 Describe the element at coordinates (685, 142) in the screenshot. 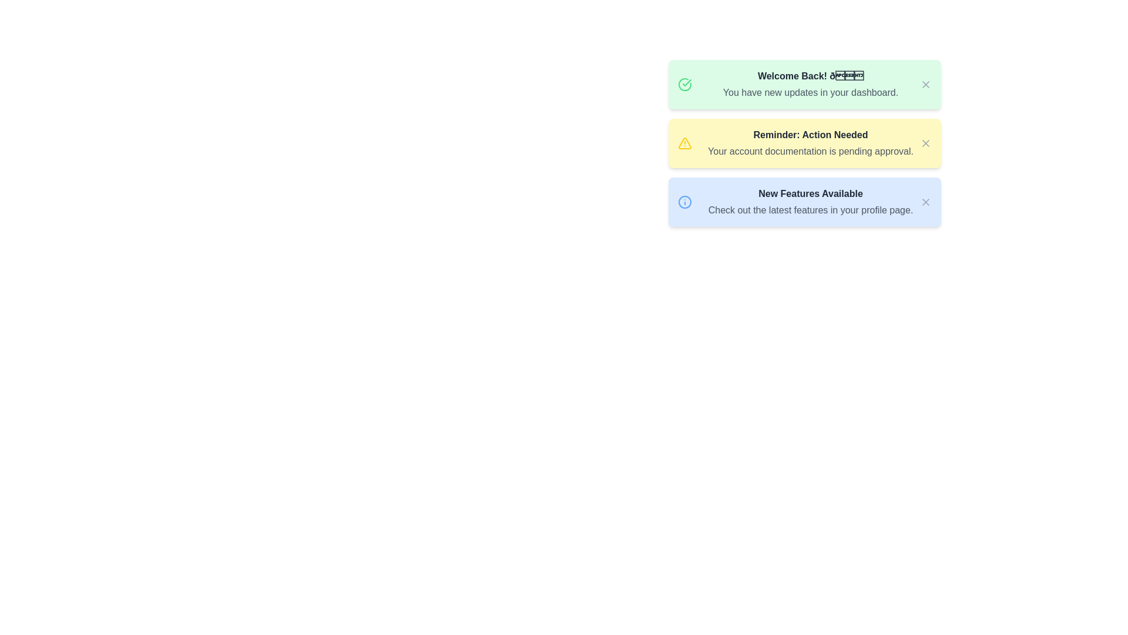

I see `triangular warning icon with a bold outline and centered exclamation mark symbol, located in the second notification titled 'Reminder: Action Needed'` at that location.